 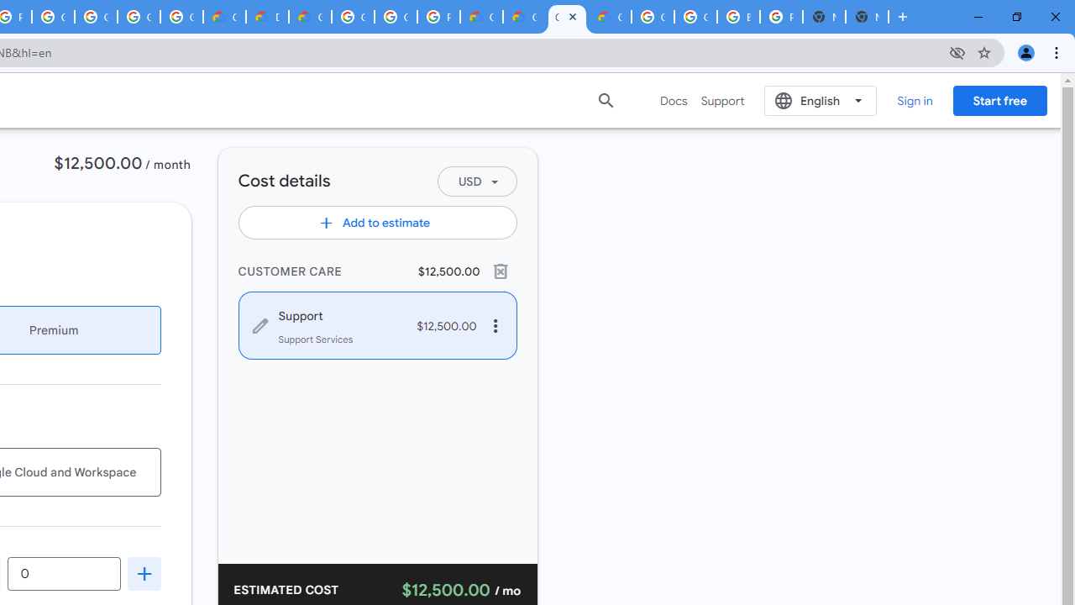 I want to click on 'New Tab', so click(x=867, y=17).